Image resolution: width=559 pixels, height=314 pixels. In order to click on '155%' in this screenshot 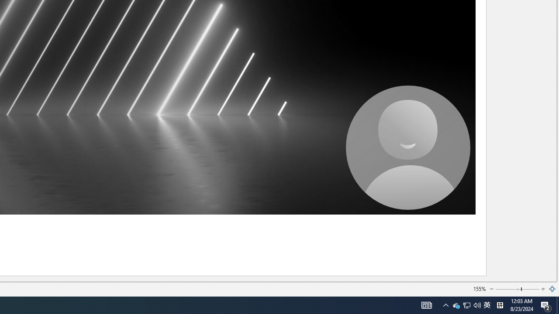, I will do `click(479, 289)`.